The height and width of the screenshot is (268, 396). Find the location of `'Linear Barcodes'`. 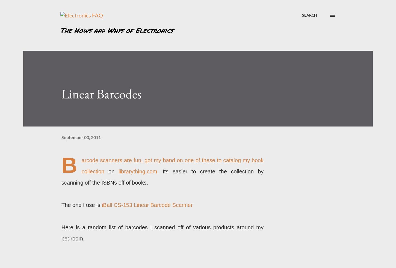

'Linear Barcodes' is located at coordinates (101, 93).